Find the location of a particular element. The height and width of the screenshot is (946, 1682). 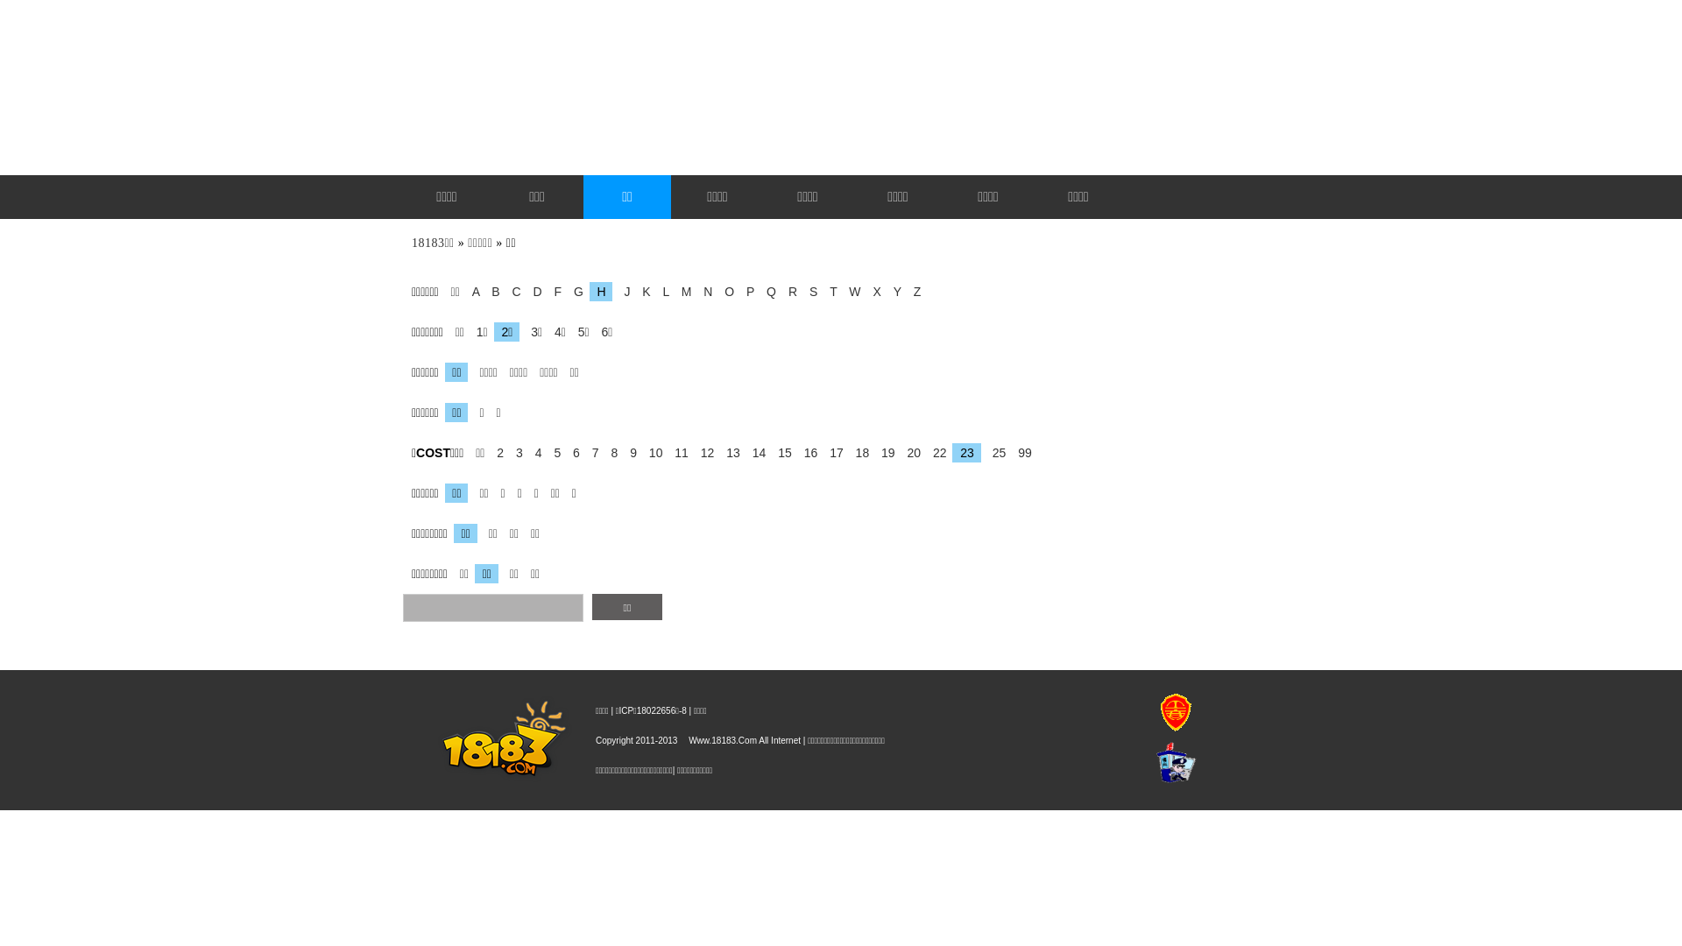

'Q' is located at coordinates (767, 290).